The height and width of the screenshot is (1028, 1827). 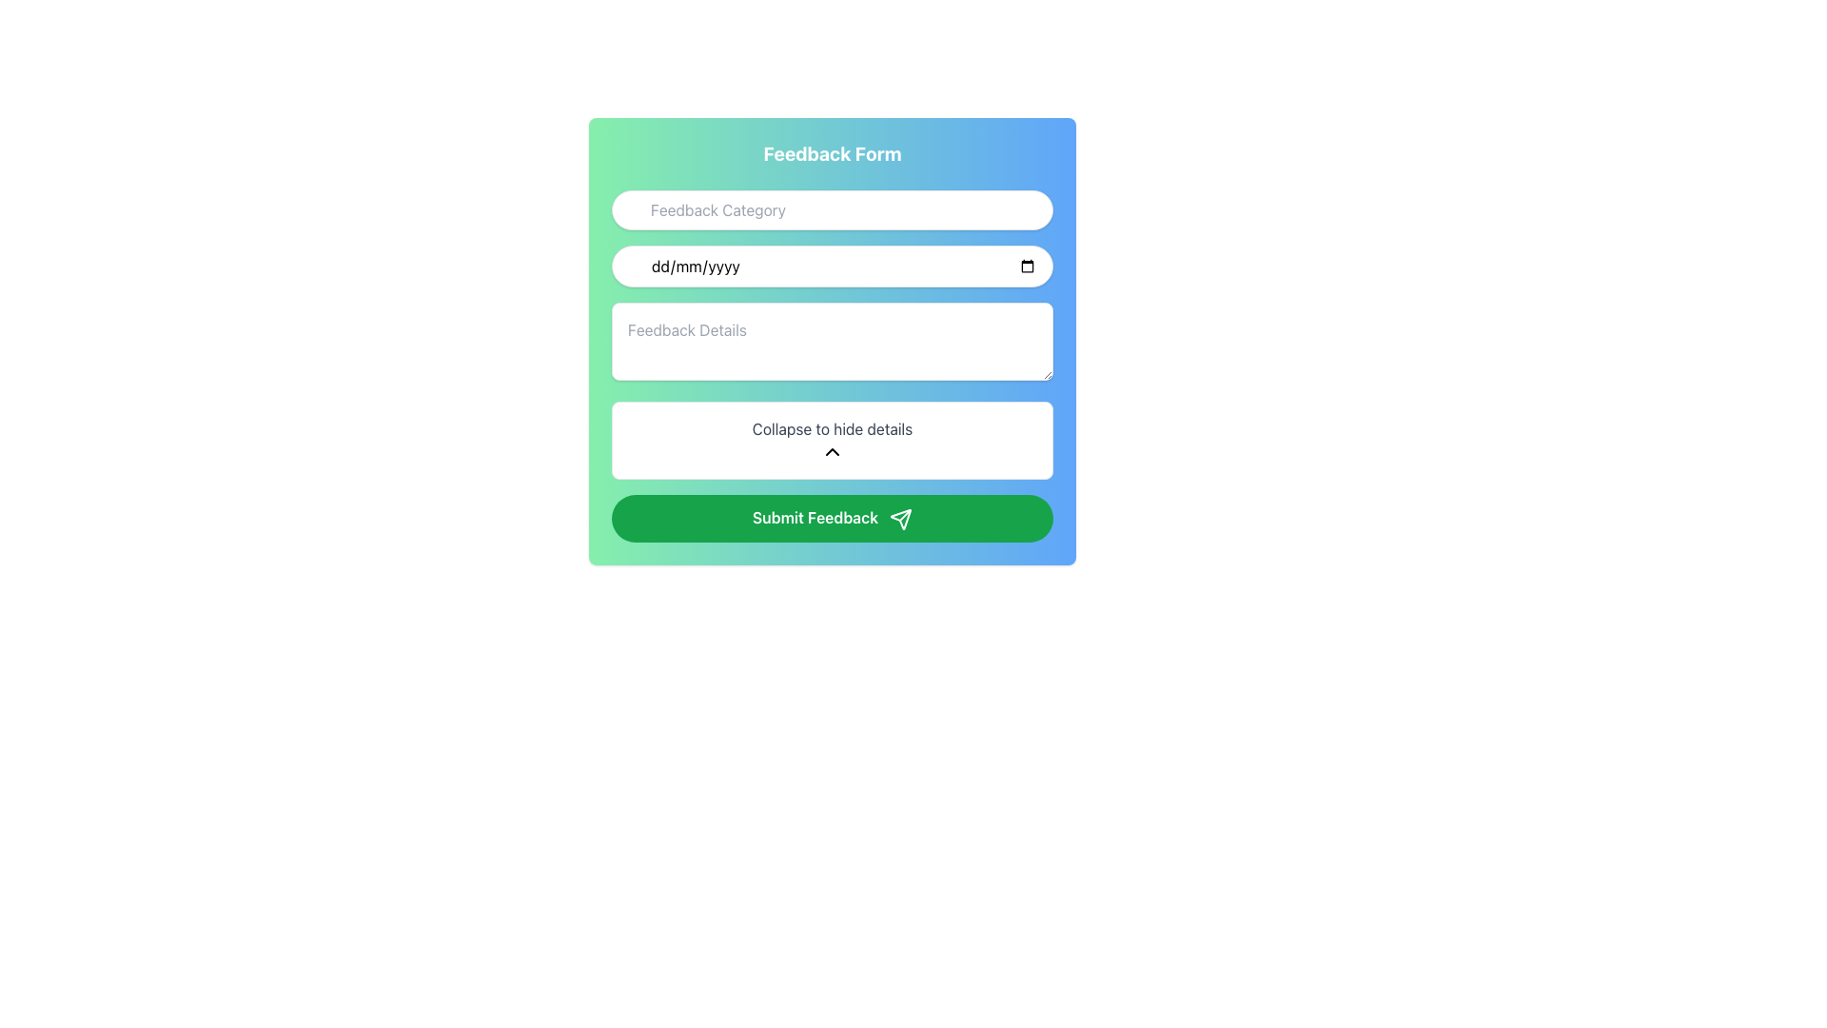 What do you see at coordinates (832, 451) in the screenshot?
I see `the upward-pointing chevron-shaped arrow icon located below the text 'Collapse to hide details' in the feedback form area` at bounding box center [832, 451].